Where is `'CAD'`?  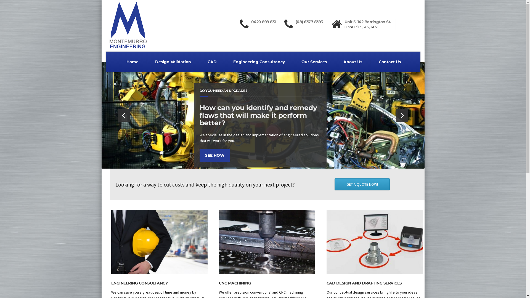
'CAD' is located at coordinates (212, 62).